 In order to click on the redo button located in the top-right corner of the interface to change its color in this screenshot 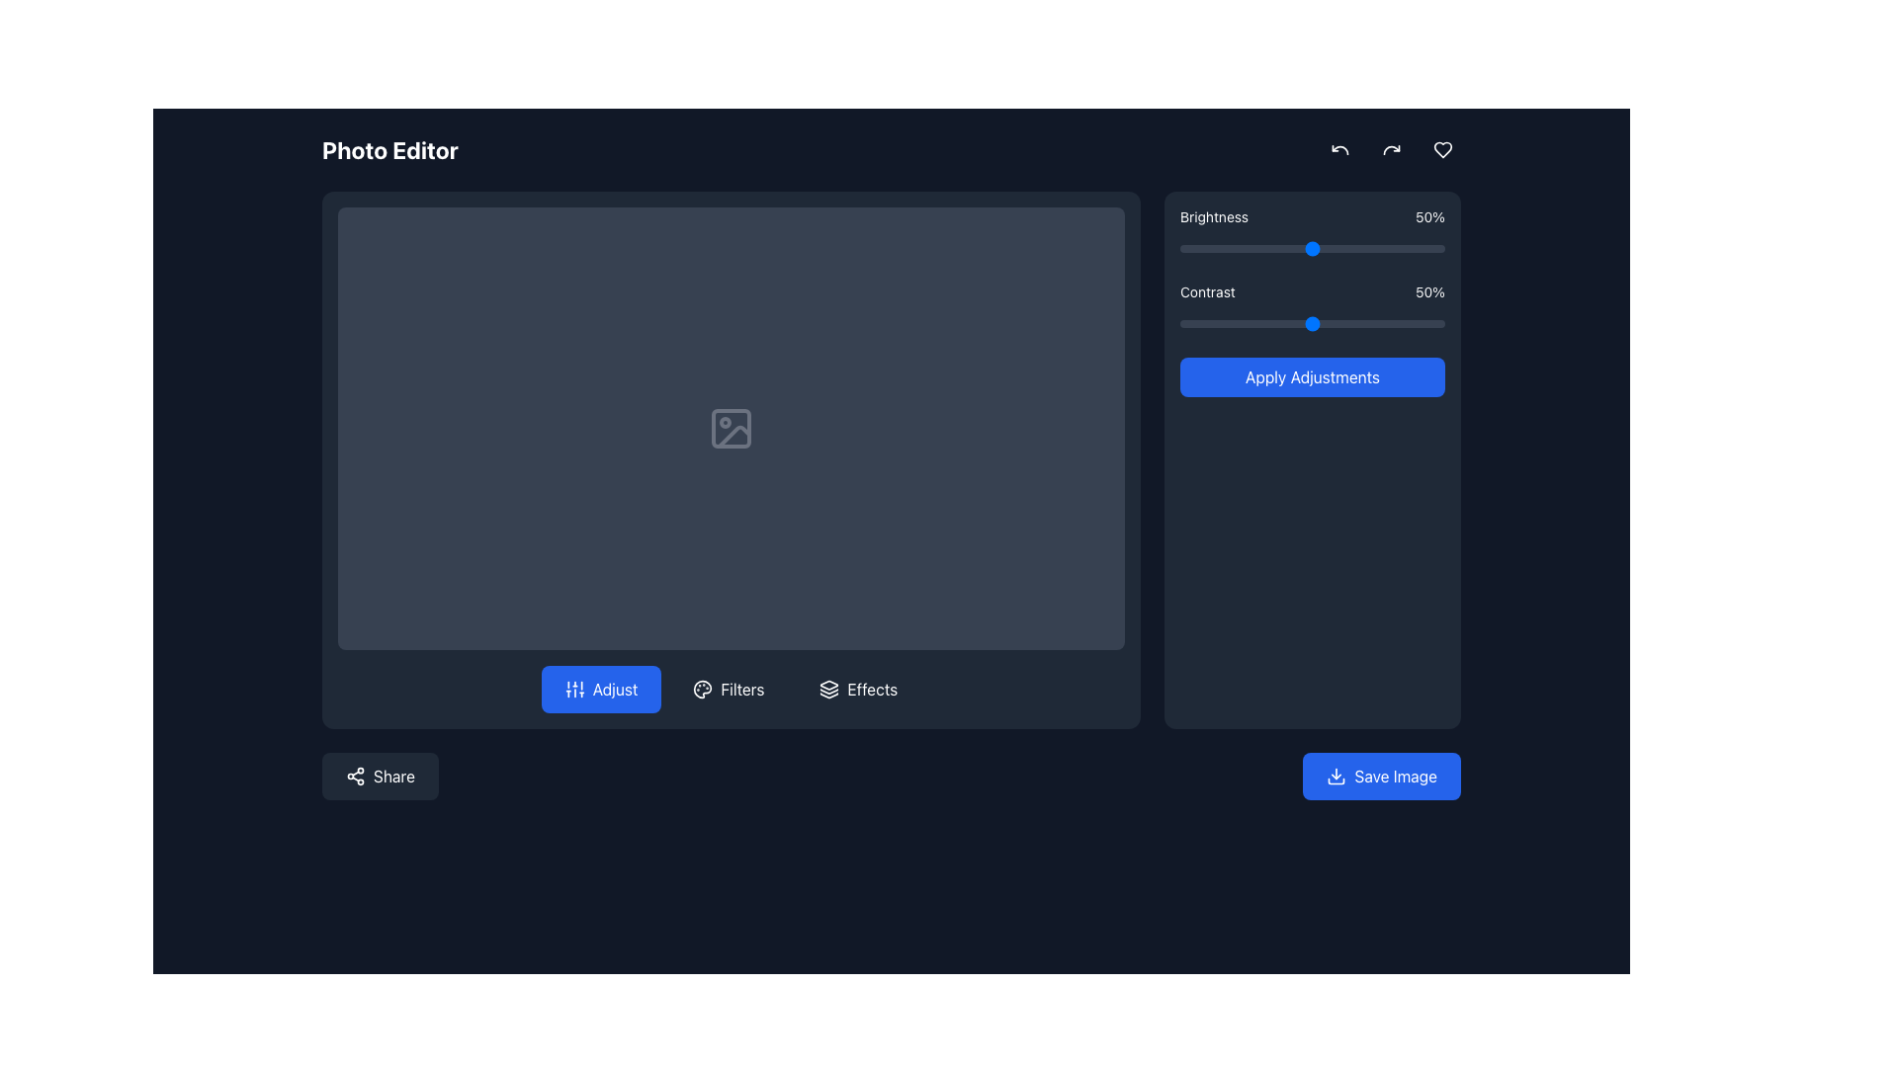, I will do `click(1390, 148)`.